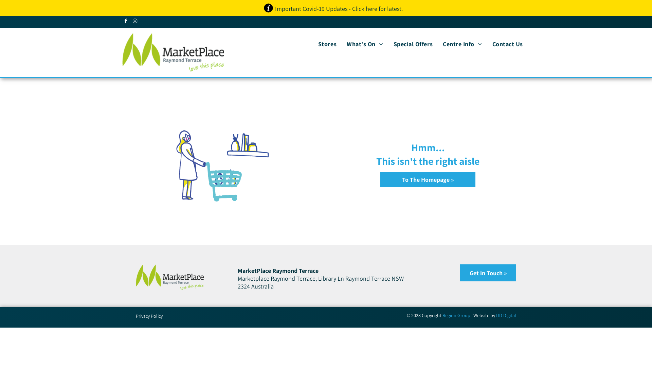 The height and width of the screenshot is (367, 652). What do you see at coordinates (149, 316) in the screenshot?
I see `'Privacy Policy'` at bounding box center [149, 316].